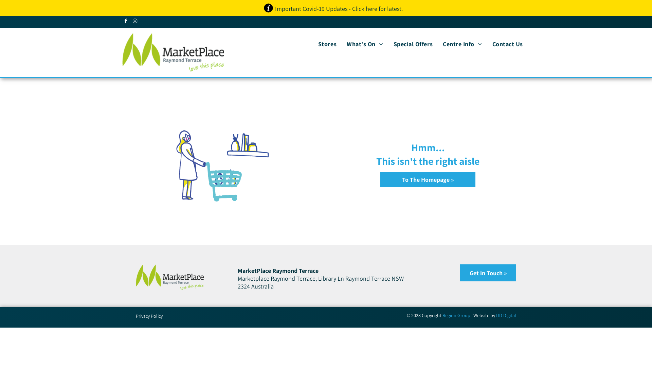 The height and width of the screenshot is (367, 652). What do you see at coordinates (149, 316) in the screenshot?
I see `'Privacy Policy'` at bounding box center [149, 316].